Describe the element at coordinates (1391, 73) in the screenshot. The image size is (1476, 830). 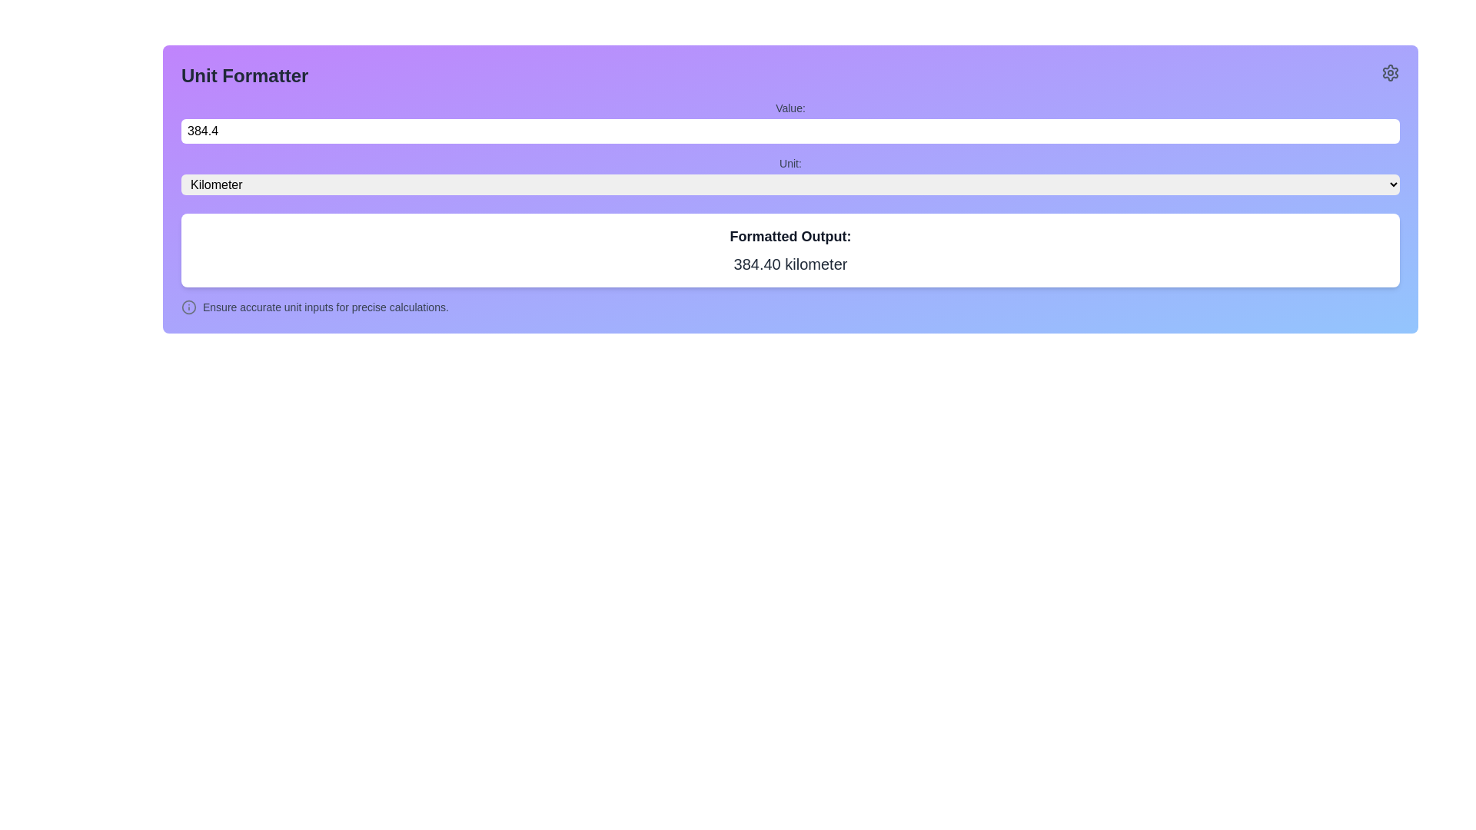
I see `the gear icon located at the upper-right corner of the interface` at that location.